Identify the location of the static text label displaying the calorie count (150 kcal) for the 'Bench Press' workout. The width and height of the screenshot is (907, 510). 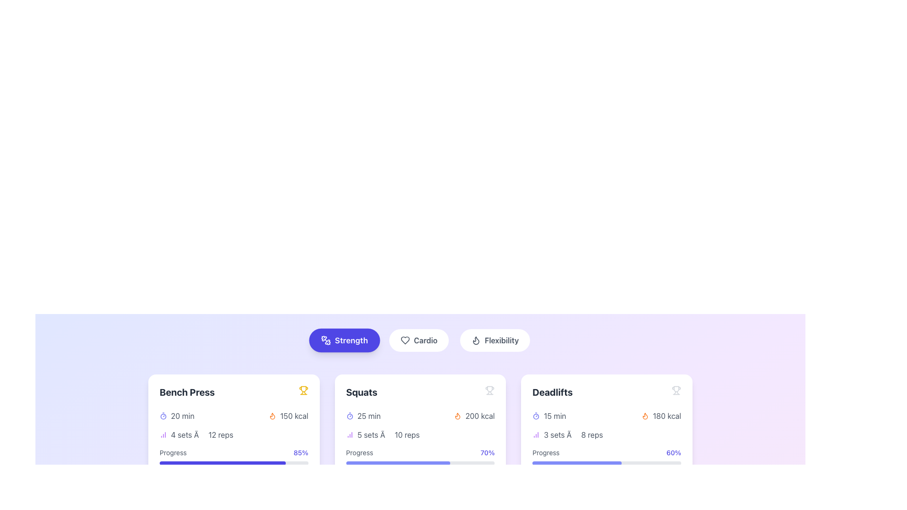
(293, 415).